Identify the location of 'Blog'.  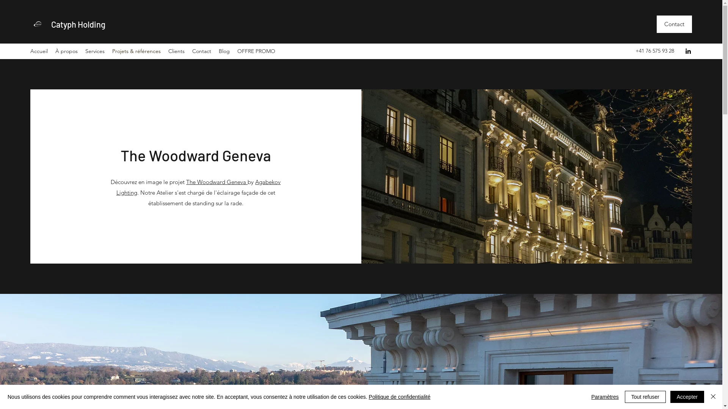
(224, 51).